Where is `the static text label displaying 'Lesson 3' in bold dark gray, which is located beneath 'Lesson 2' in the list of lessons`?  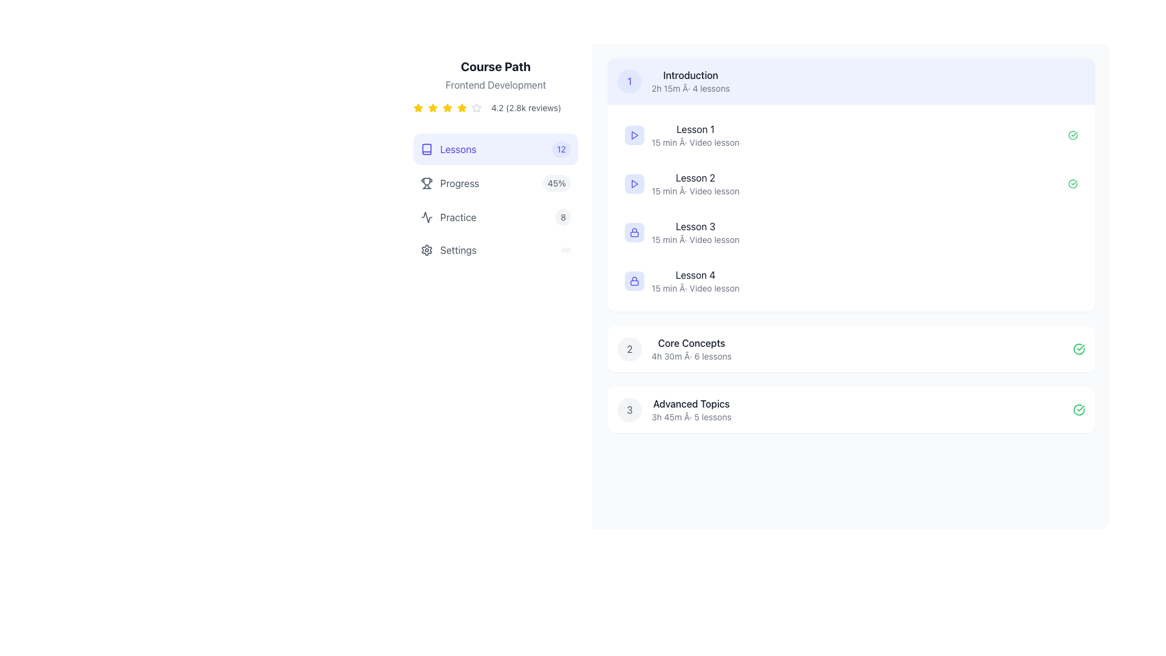 the static text label displaying 'Lesson 3' in bold dark gray, which is located beneath 'Lesson 2' in the list of lessons is located at coordinates (695, 227).